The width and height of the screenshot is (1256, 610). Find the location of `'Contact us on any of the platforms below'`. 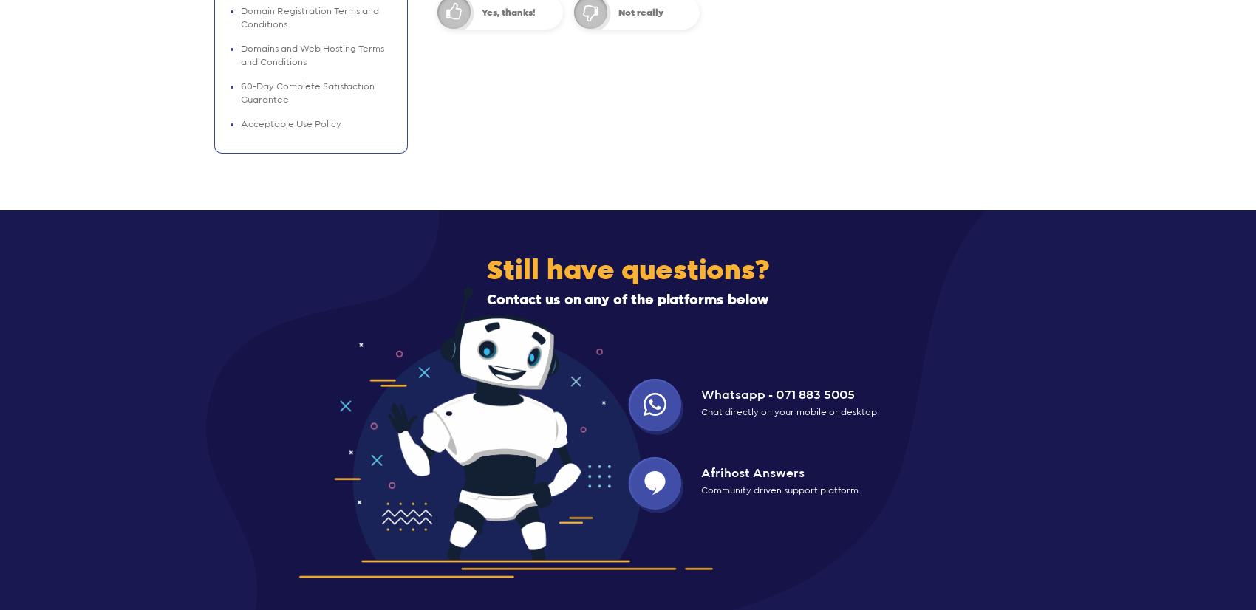

'Contact us on any of the platforms below' is located at coordinates (628, 299).